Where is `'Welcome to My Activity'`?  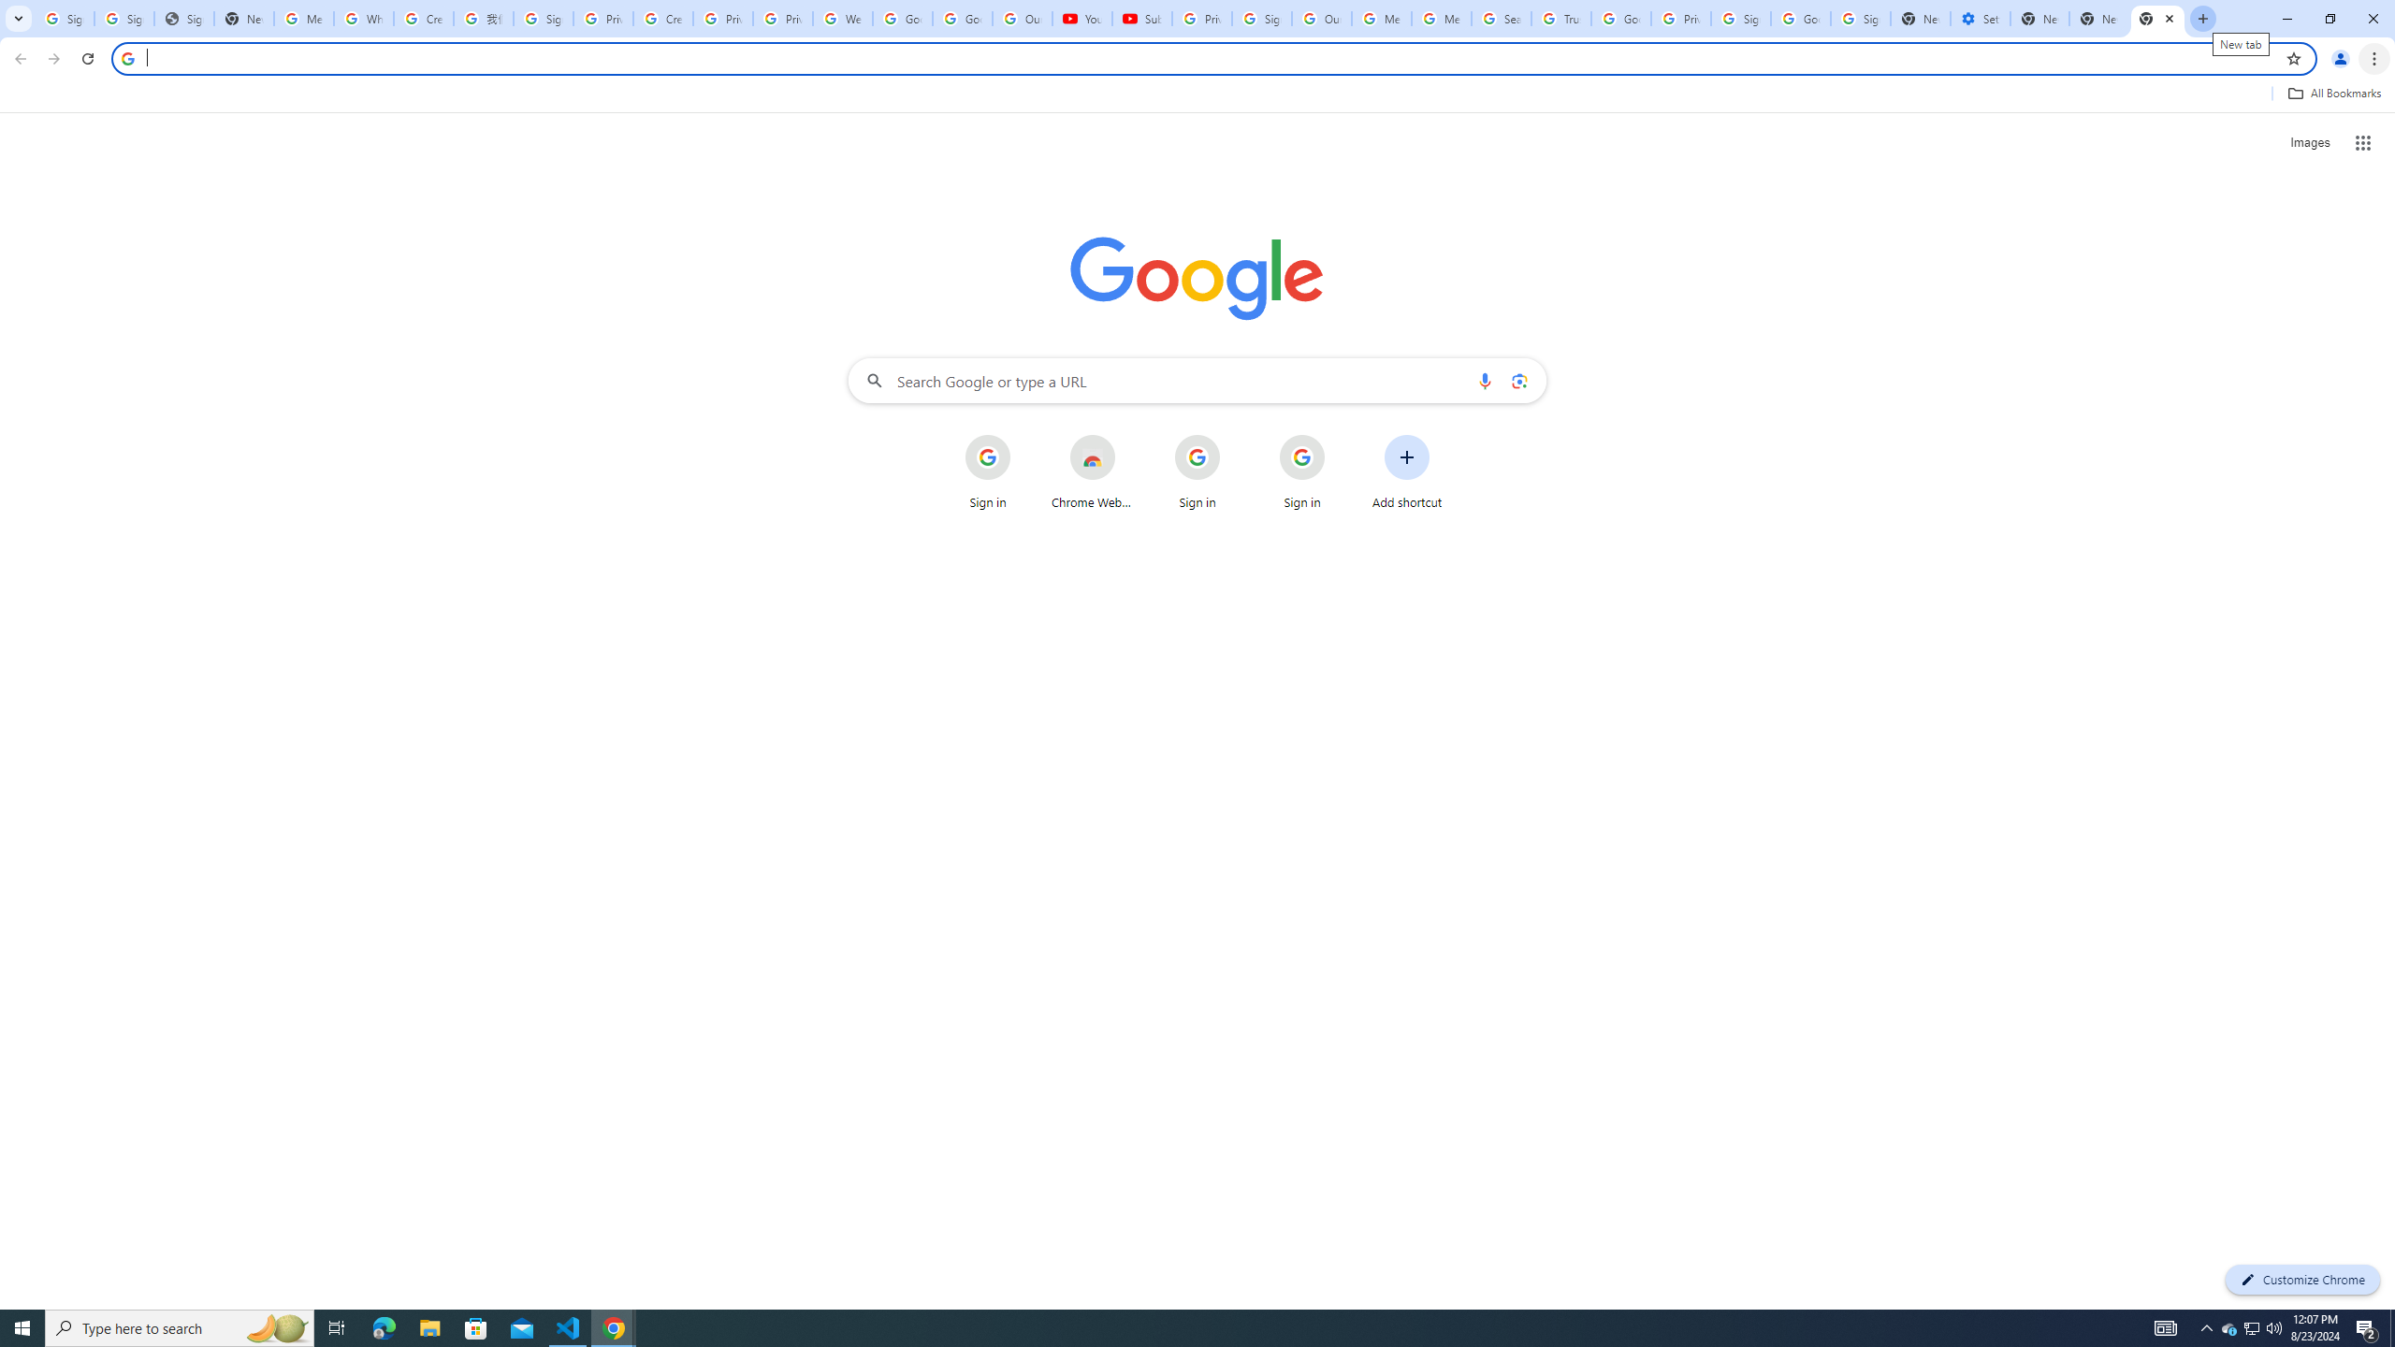
'Welcome to My Activity' is located at coordinates (842, 18).